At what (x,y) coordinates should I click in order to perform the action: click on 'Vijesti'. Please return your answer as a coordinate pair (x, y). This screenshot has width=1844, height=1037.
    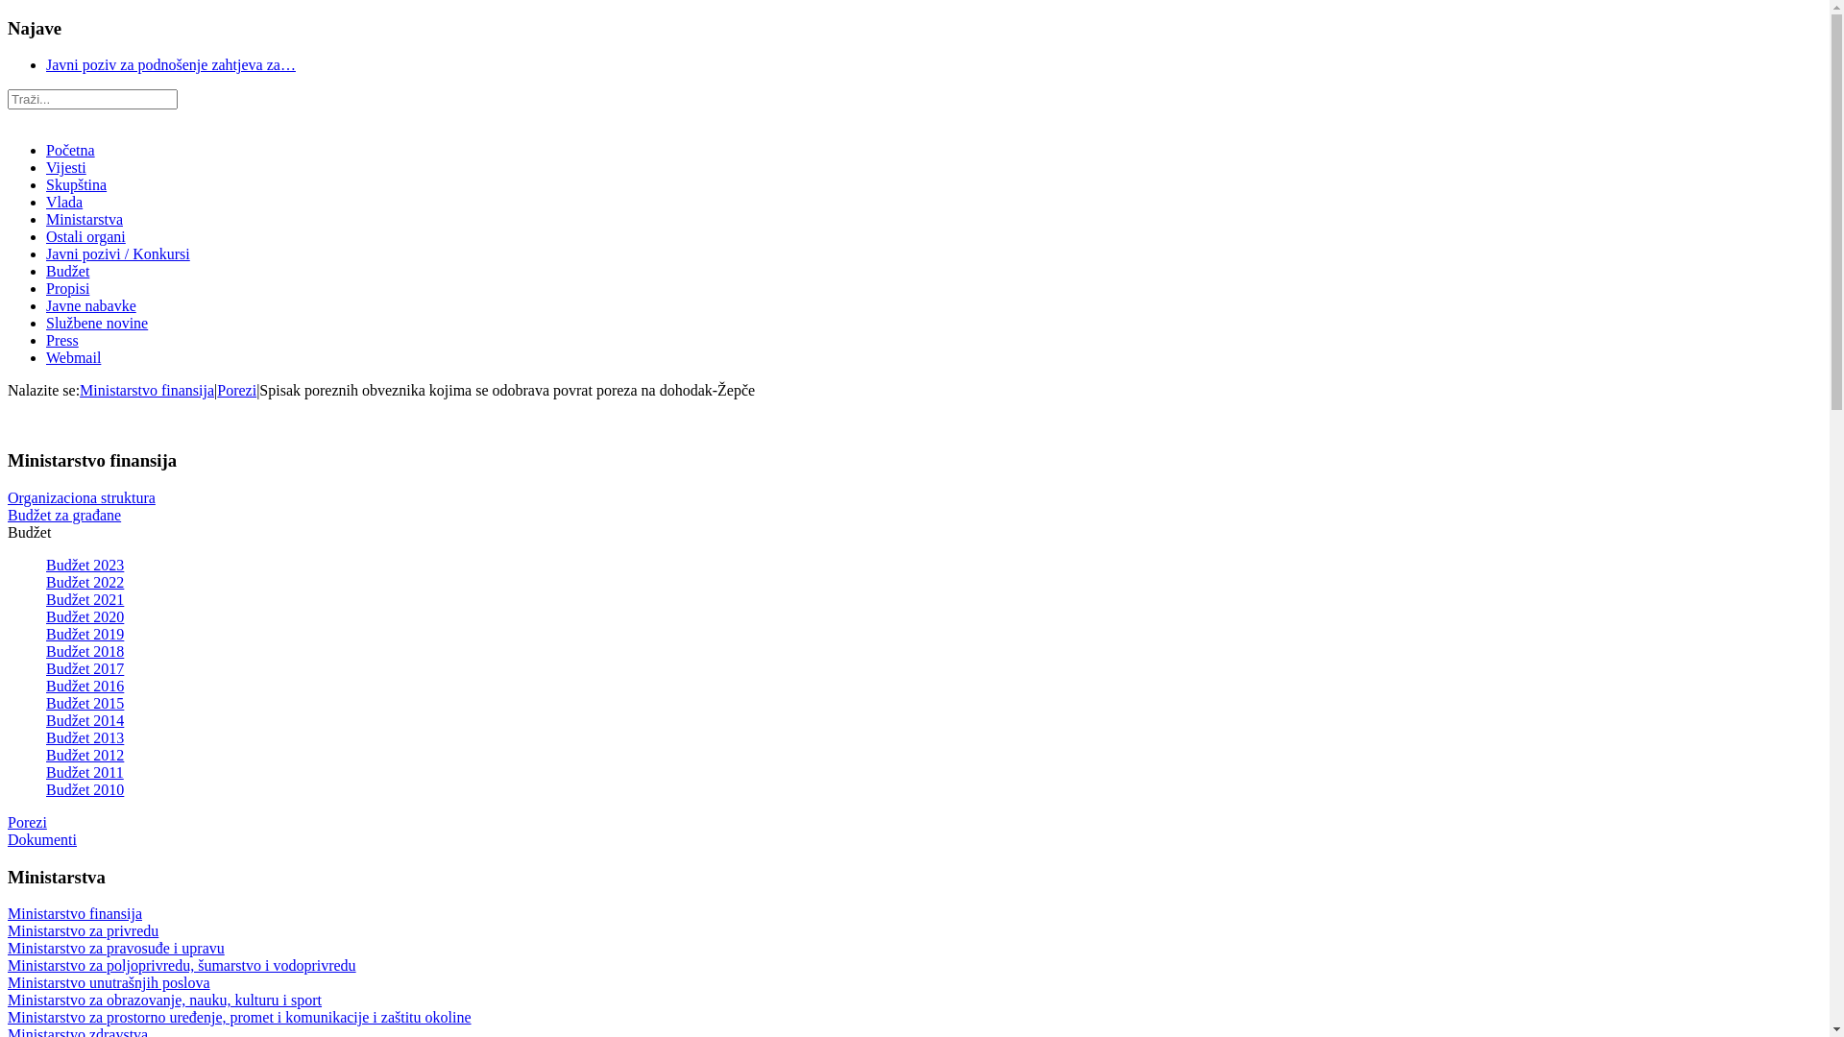
    Looking at the image, I should click on (65, 166).